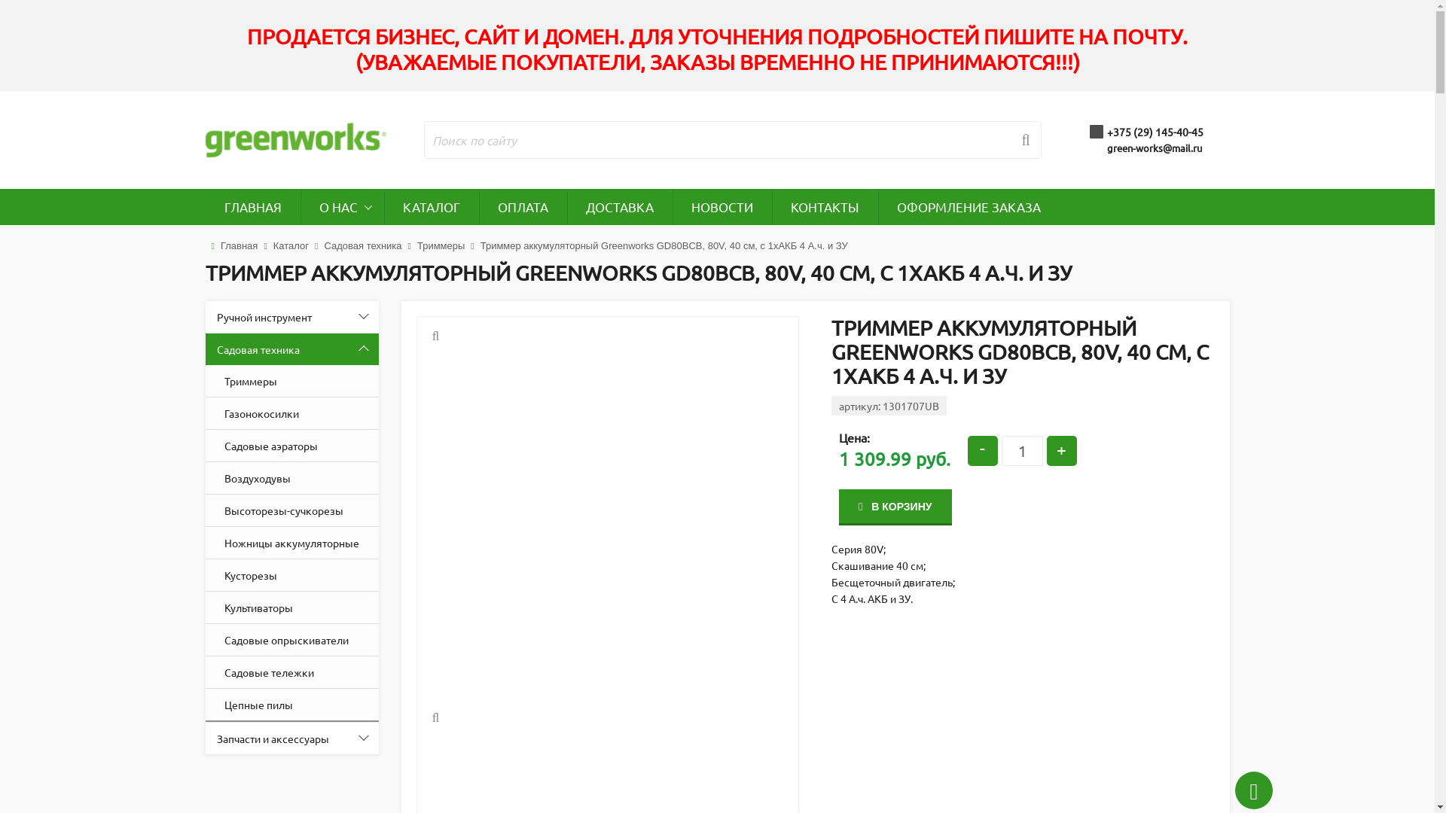  I want to click on '-', so click(983, 449).